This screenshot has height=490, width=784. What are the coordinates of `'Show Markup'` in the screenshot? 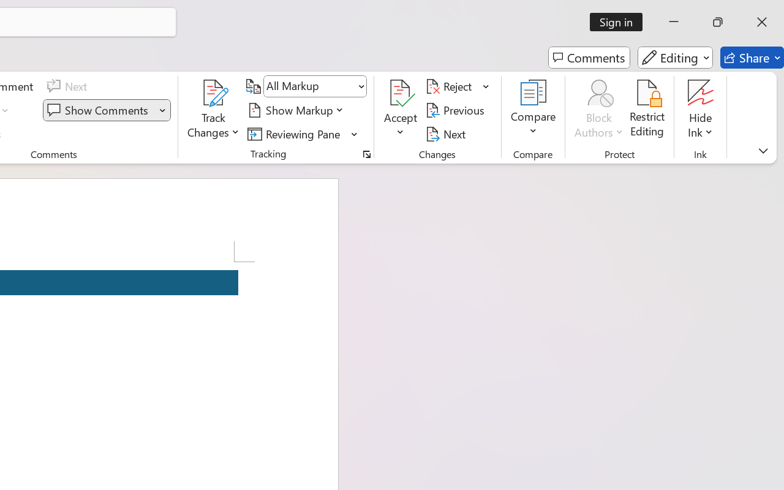 It's located at (297, 110).